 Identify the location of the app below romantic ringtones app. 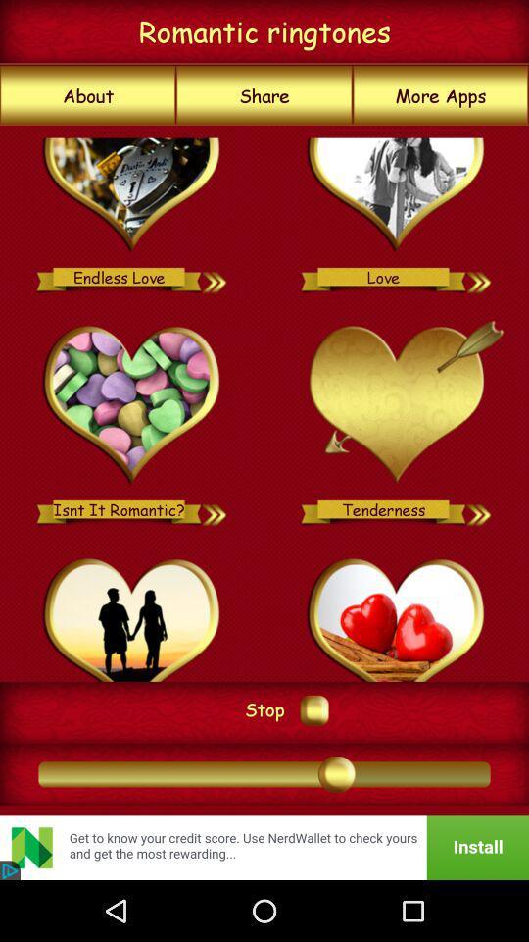
(264, 95).